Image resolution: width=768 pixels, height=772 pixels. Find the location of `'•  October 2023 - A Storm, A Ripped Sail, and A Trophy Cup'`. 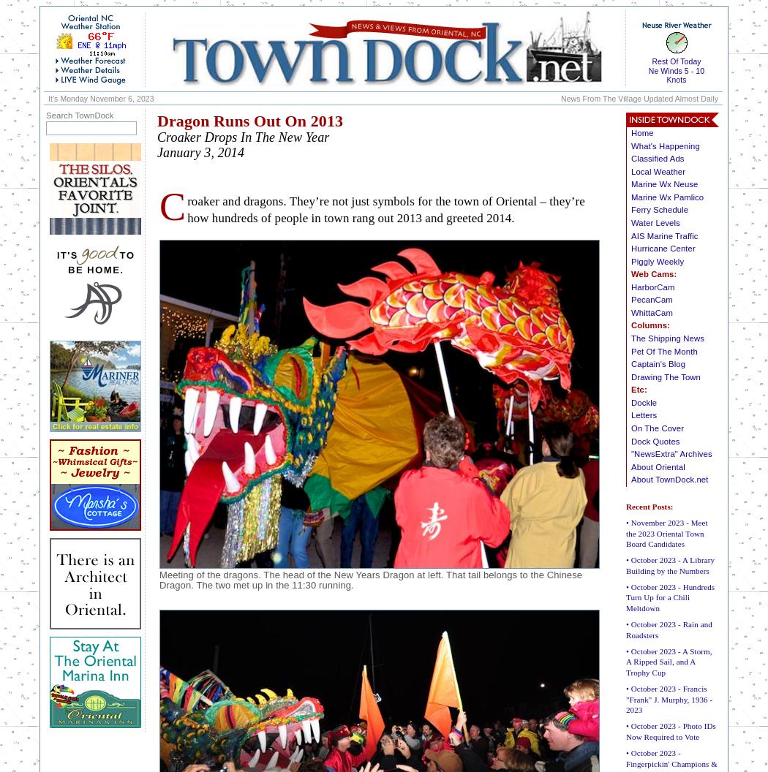

'•  October 2023 - A Storm, A Ripped Sail, and A Trophy Cup' is located at coordinates (669, 660).